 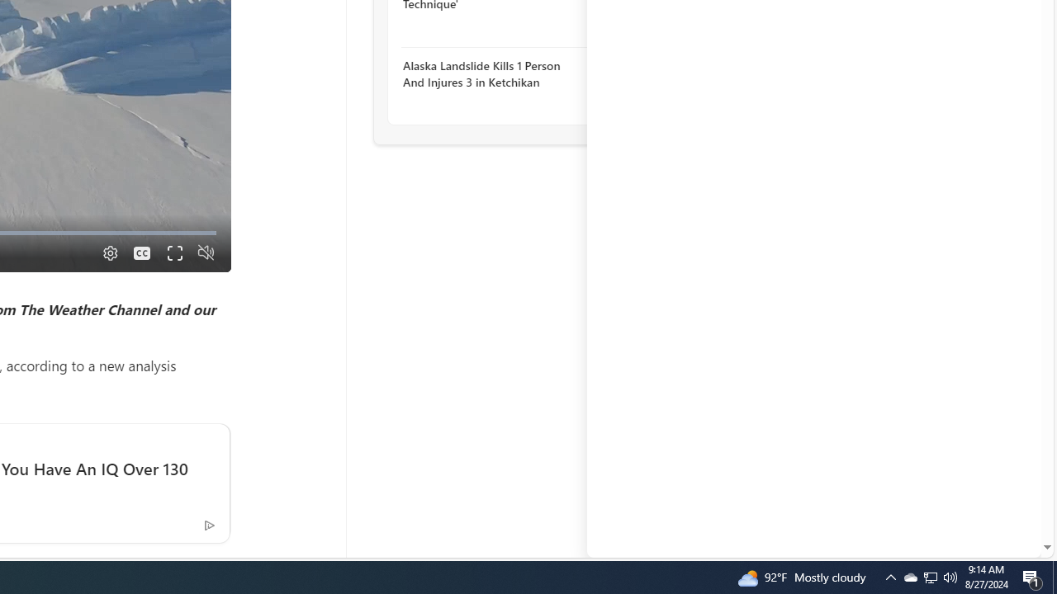 What do you see at coordinates (491, 73) in the screenshot?
I see `'Alaska Landslide Kills 1 Person And Injures 3 in Ketchikan'` at bounding box center [491, 73].